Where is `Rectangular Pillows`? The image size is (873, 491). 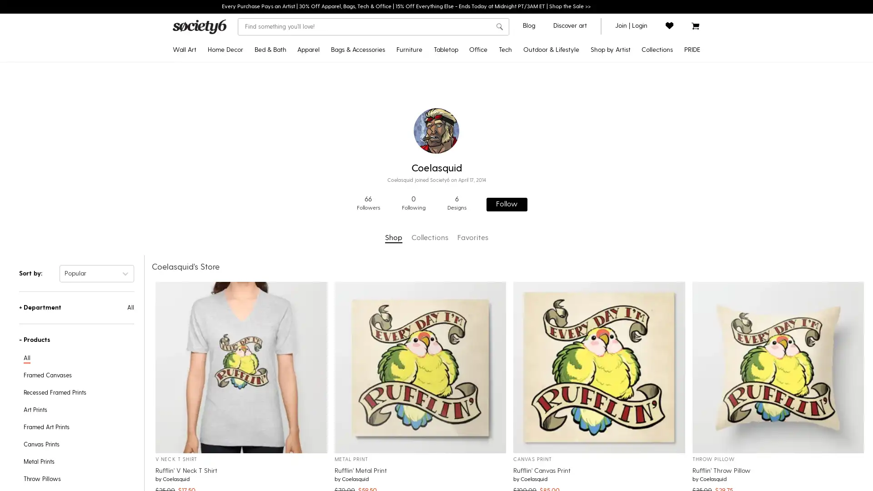 Rectangular Pillows is located at coordinates (242, 102).